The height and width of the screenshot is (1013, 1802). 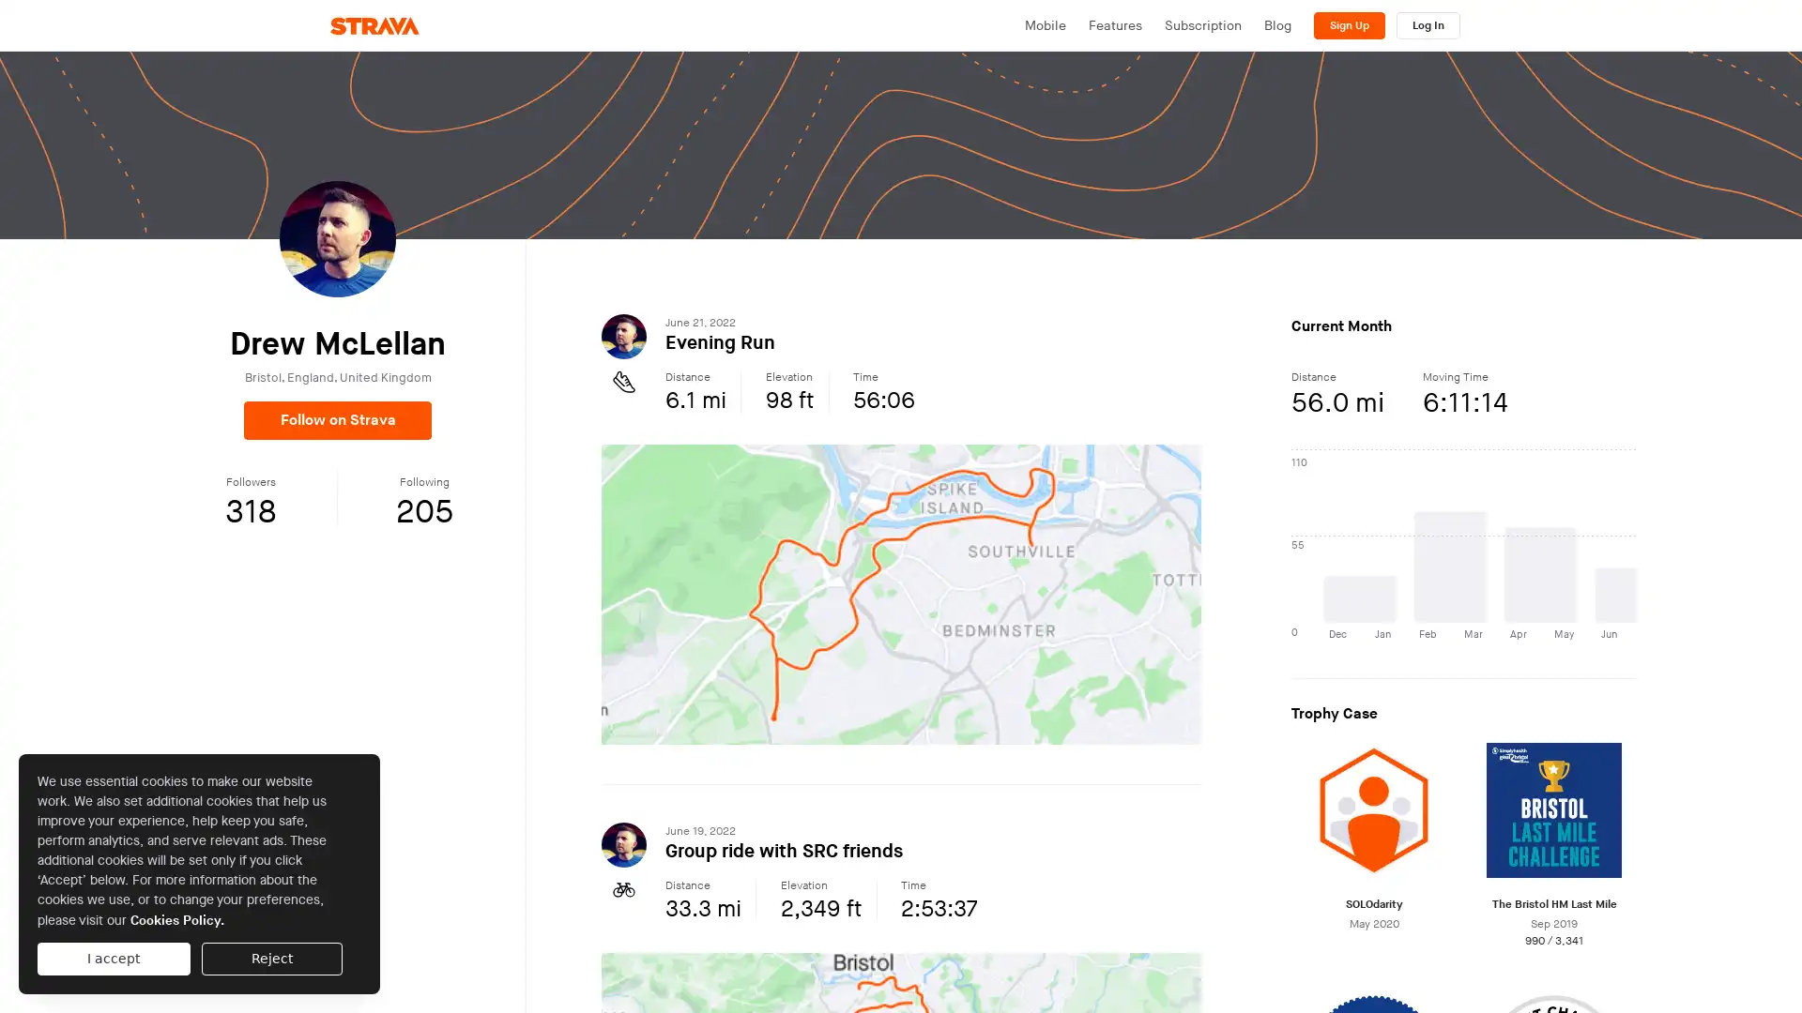 What do you see at coordinates (270, 959) in the screenshot?
I see `Reject` at bounding box center [270, 959].